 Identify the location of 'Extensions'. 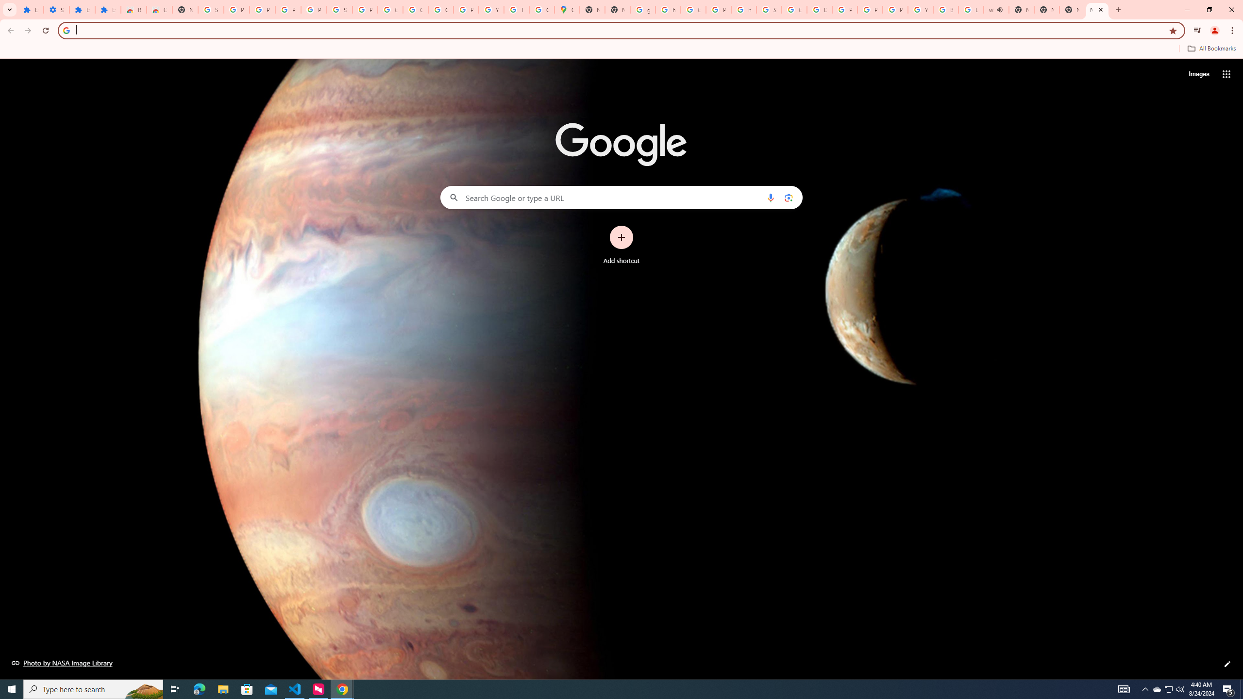
(31, 9).